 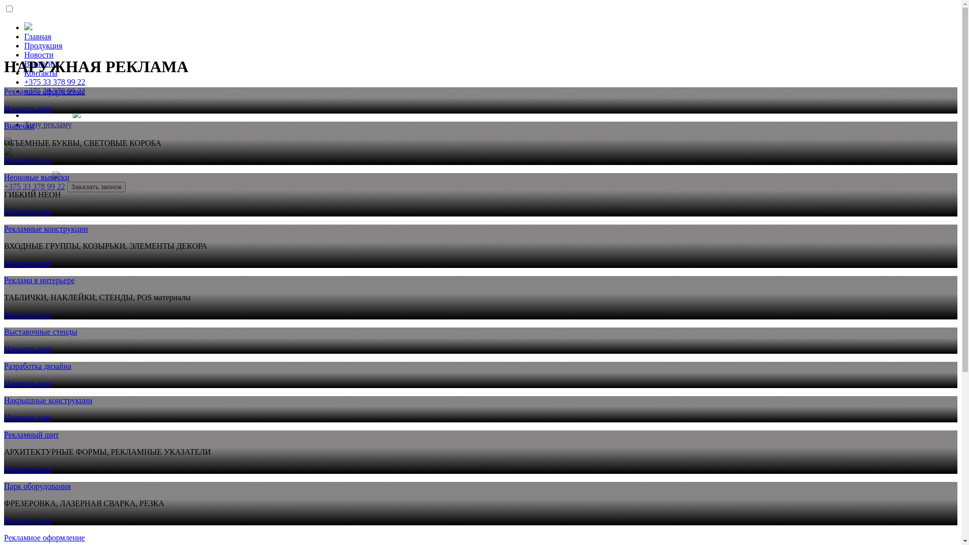 I want to click on '+375 29 378 99 22', so click(x=54, y=91).